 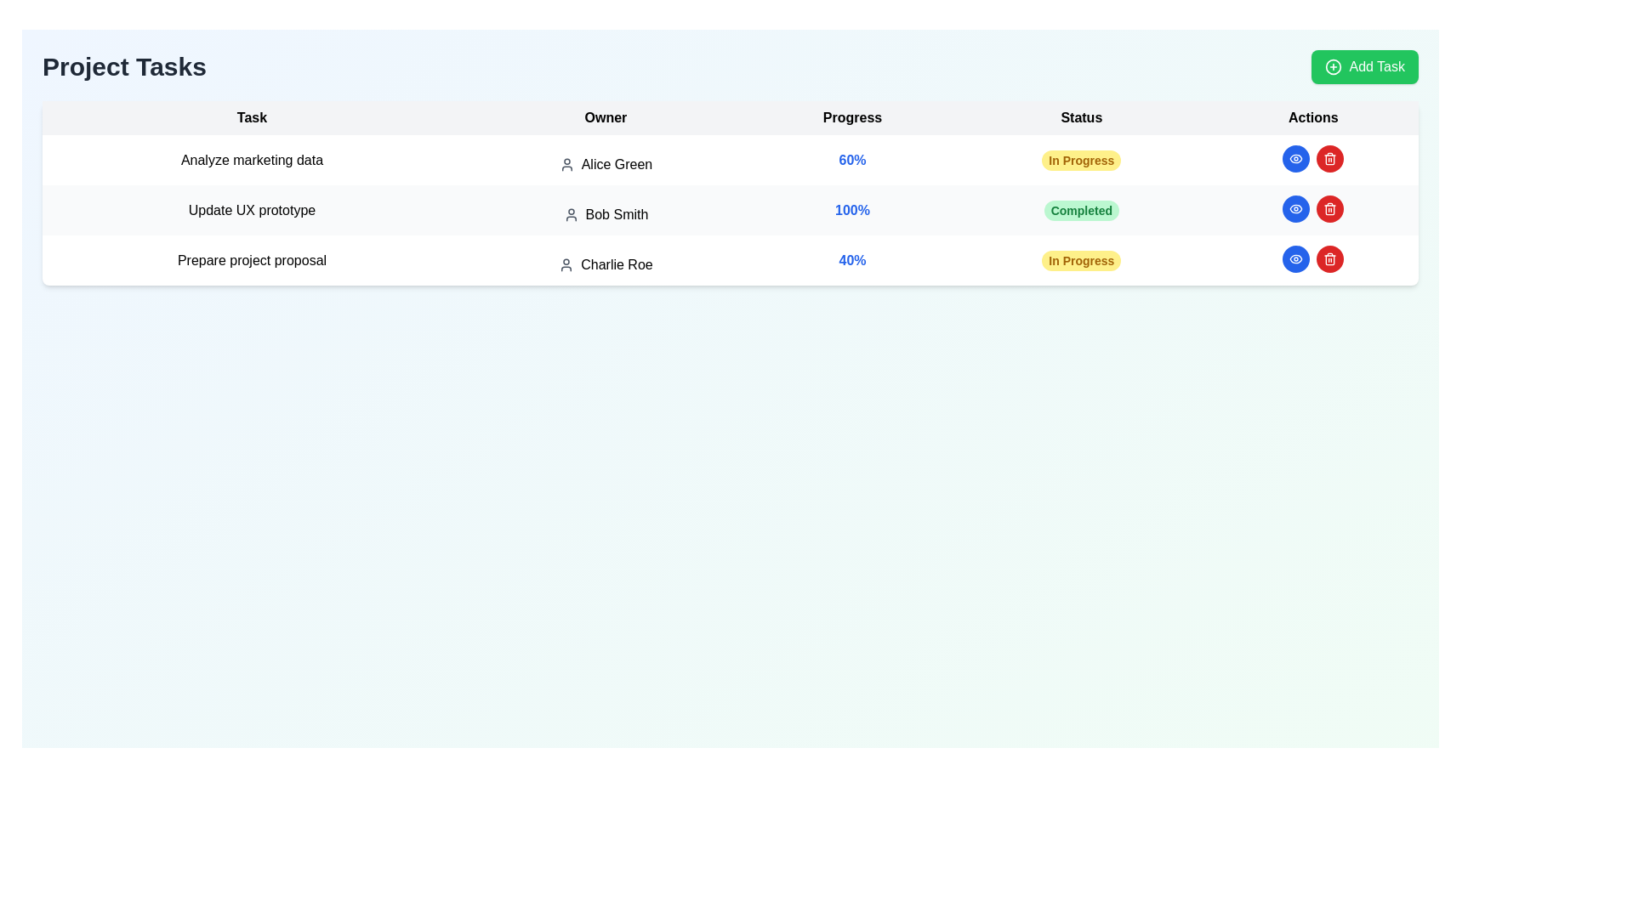 I want to click on the circular blue button with a white eye icon in the 'Actions' column of the second row of the task management table, so click(x=1294, y=208).